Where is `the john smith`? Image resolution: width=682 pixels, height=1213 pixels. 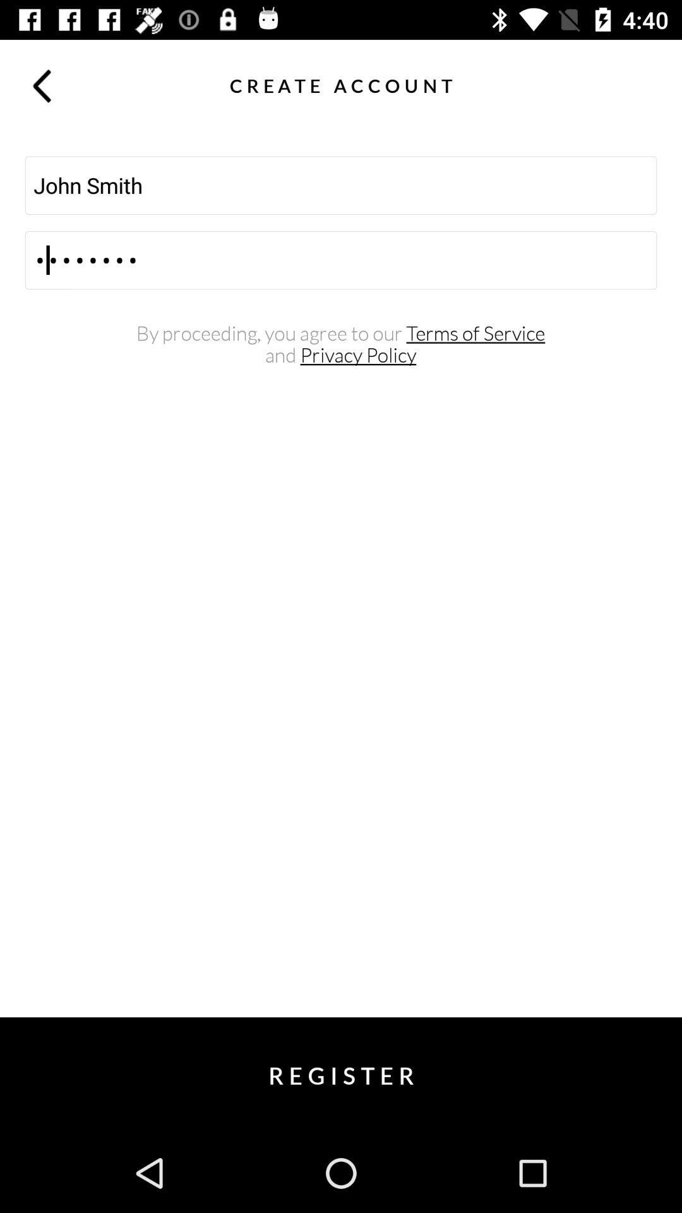
the john smith is located at coordinates (341, 184).